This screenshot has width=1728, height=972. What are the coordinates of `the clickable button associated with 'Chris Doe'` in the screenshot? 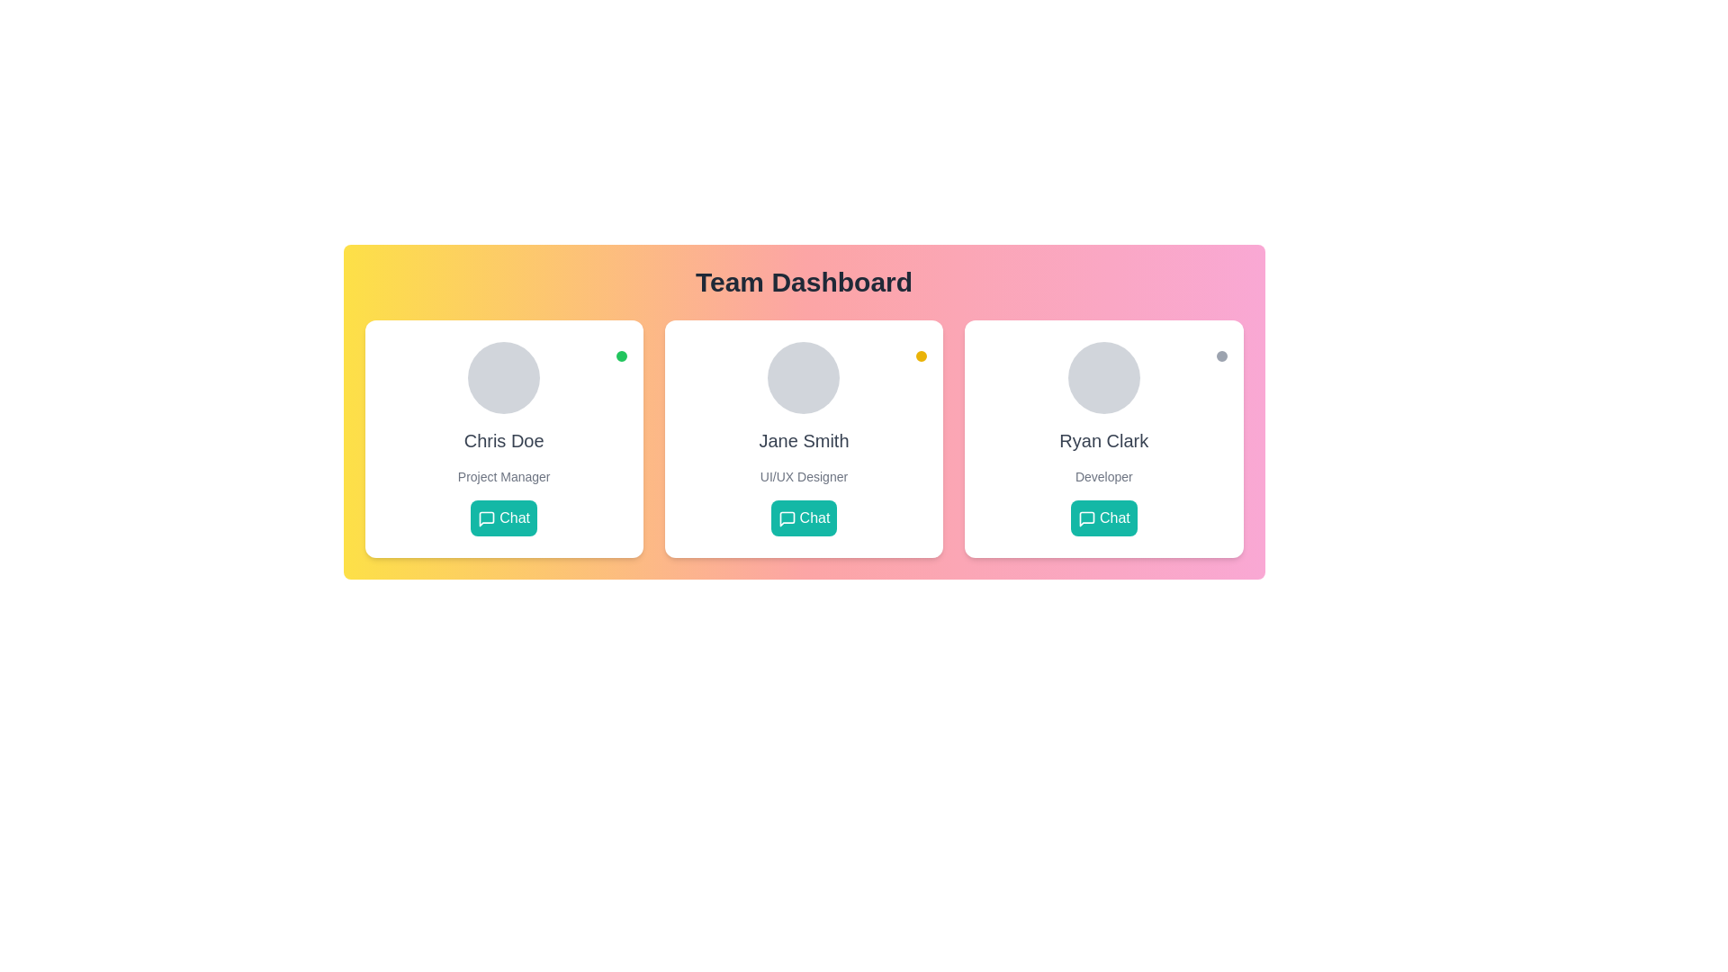 It's located at (504, 517).